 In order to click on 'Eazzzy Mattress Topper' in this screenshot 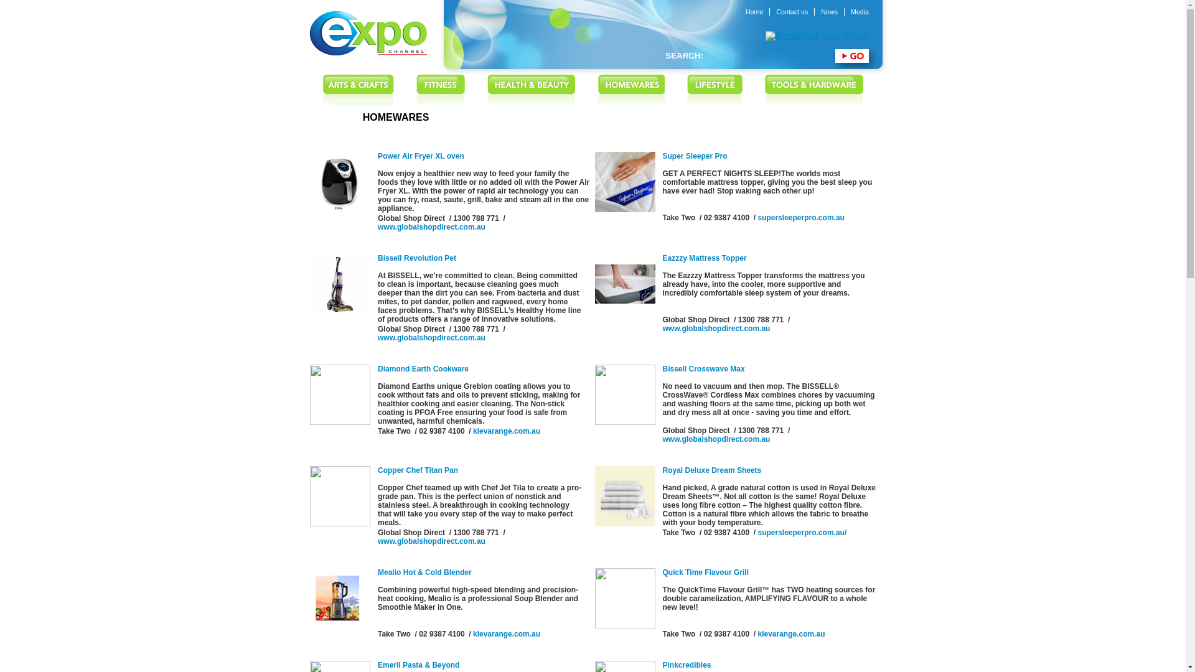, I will do `click(704, 258)`.